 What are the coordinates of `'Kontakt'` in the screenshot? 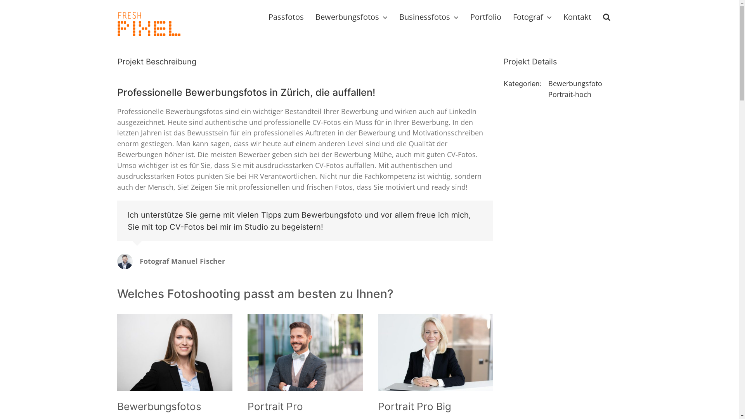 It's located at (577, 16).